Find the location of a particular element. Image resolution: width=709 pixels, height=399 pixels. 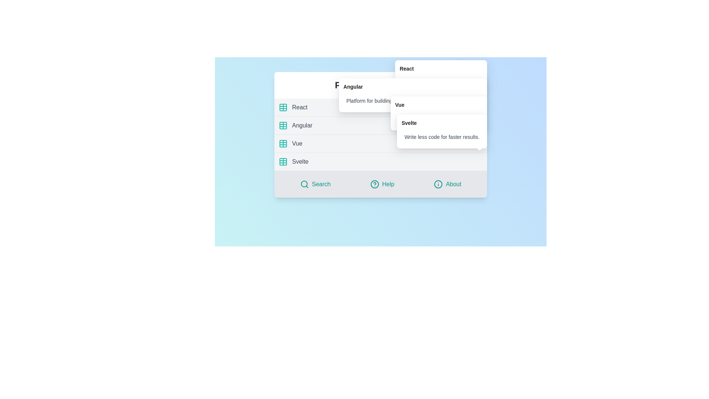

the text element labeled 'Svelte', which is the fourth item in a vertical list of menu options, to trigger the hover state is located at coordinates (300, 161).